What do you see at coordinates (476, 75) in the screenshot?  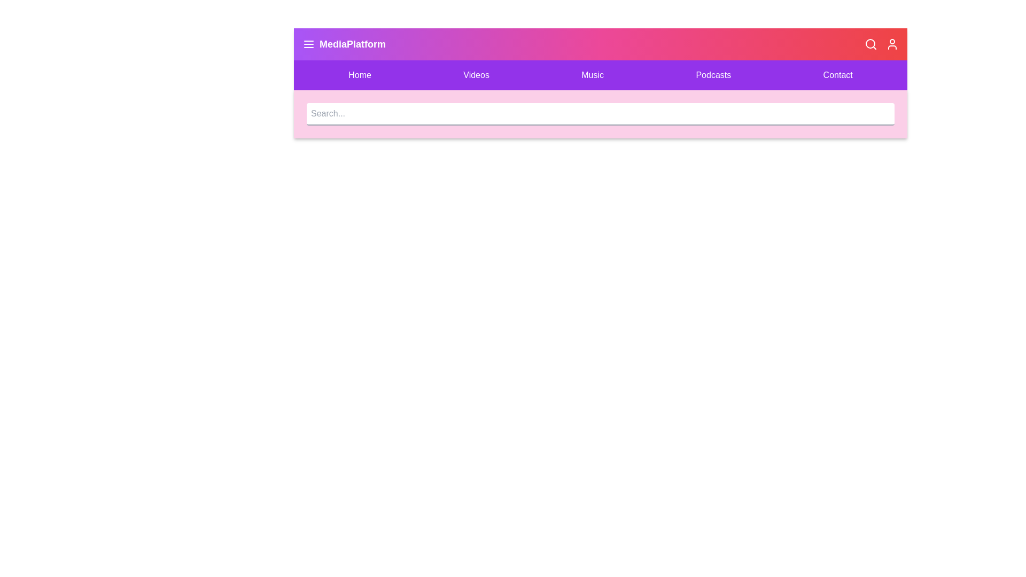 I see `the Videos menu item to navigate to the corresponding section` at bounding box center [476, 75].